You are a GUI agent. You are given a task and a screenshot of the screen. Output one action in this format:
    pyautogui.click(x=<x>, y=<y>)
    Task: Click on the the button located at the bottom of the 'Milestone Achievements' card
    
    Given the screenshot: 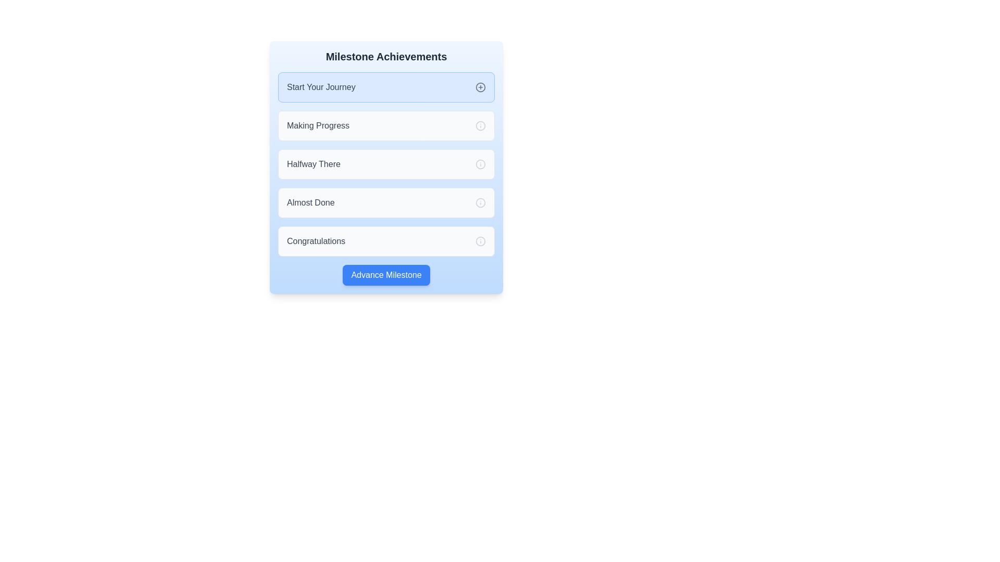 What is the action you would take?
    pyautogui.click(x=386, y=274)
    